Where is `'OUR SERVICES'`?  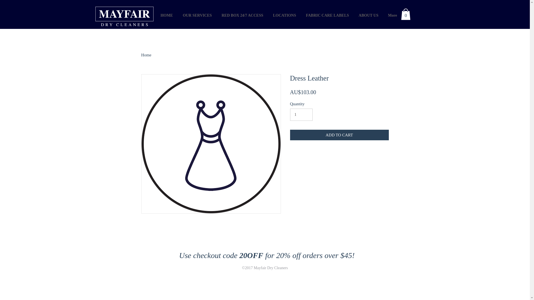 'OUR SERVICES' is located at coordinates (196, 15).